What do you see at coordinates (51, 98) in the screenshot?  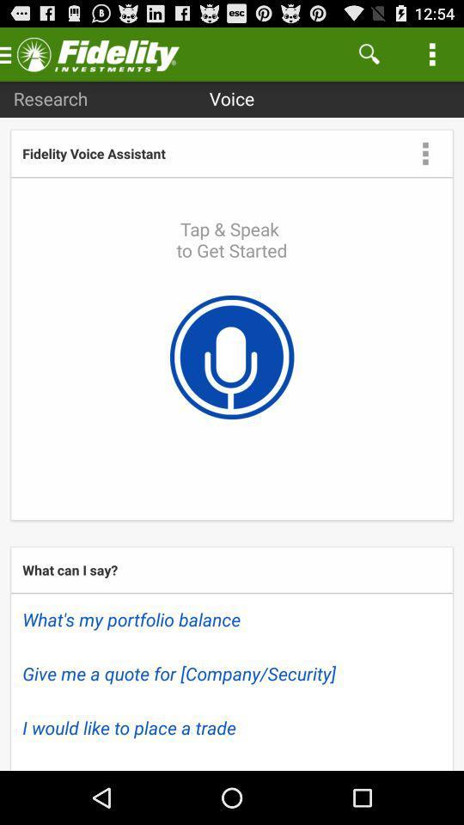 I see `item above the fidelity voice assistant app` at bounding box center [51, 98].